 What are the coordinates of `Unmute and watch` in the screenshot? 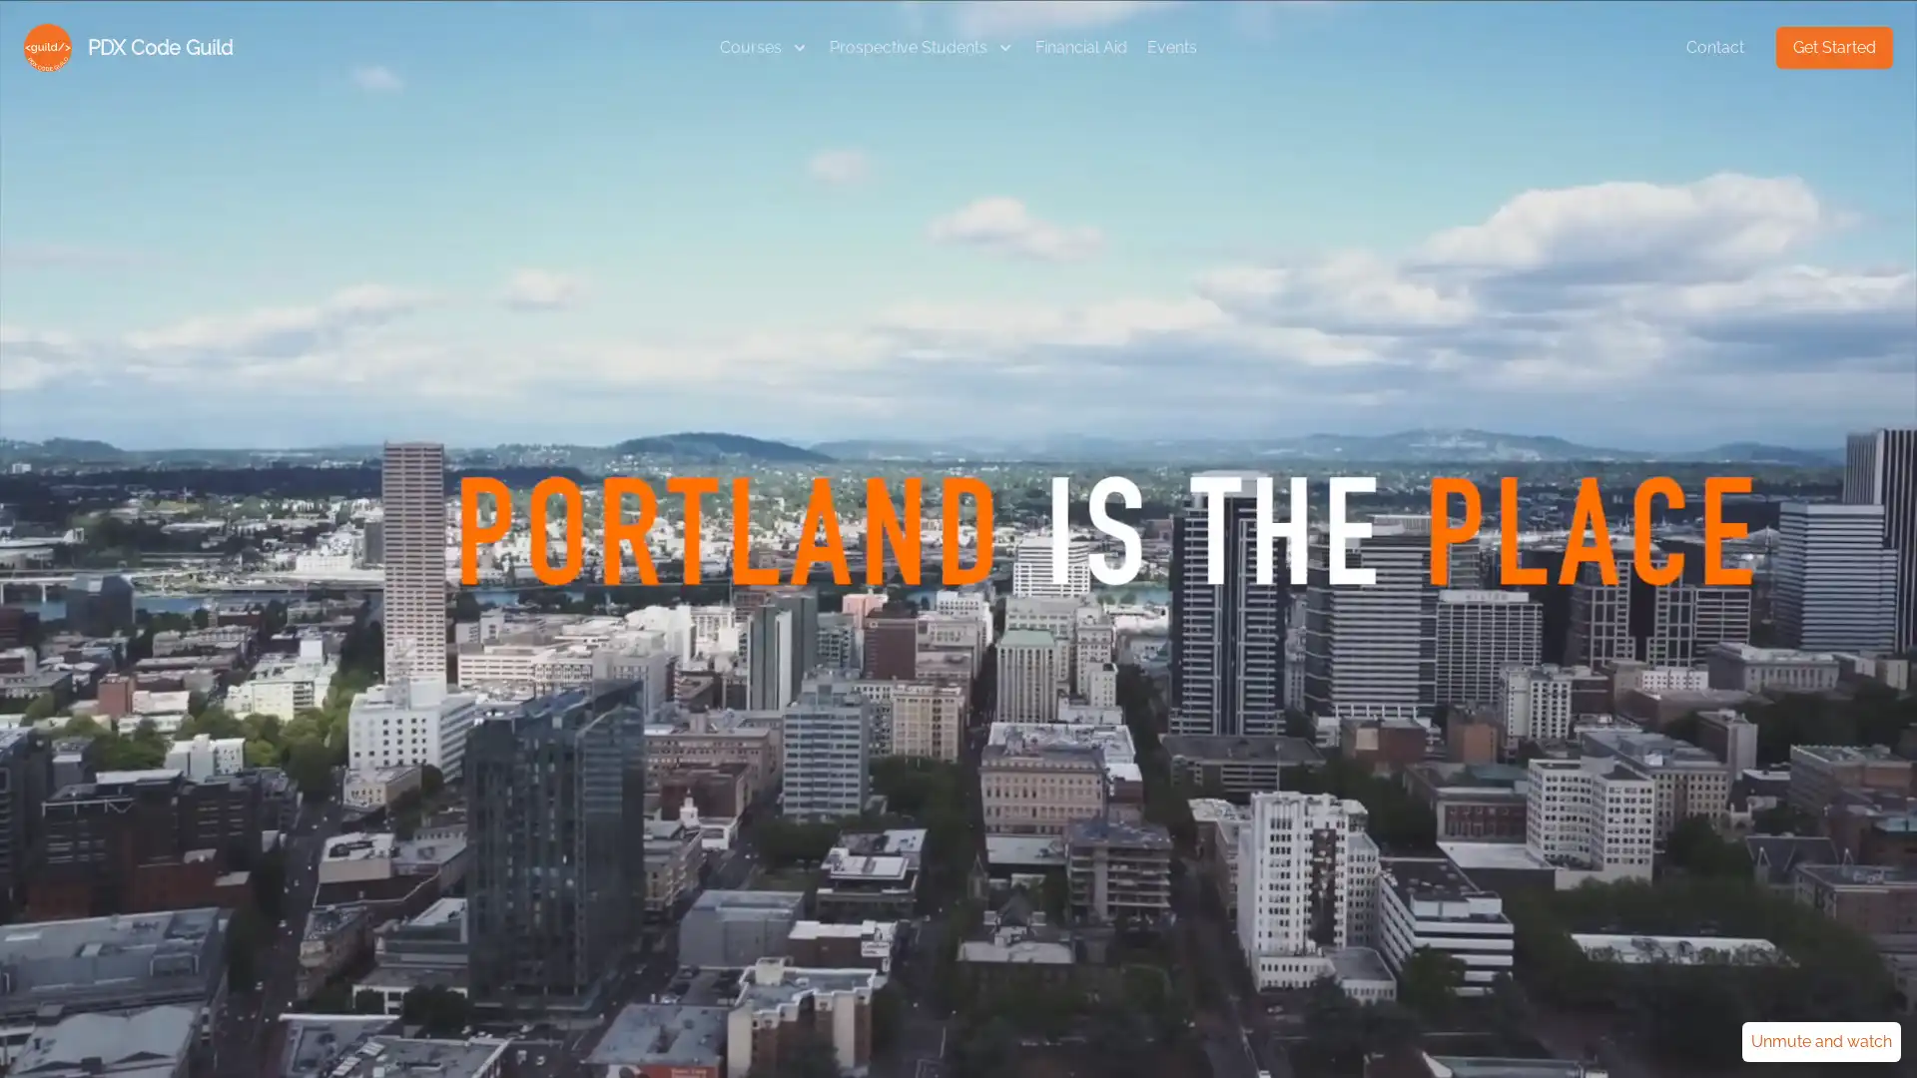 It's located at (1821, 1041).